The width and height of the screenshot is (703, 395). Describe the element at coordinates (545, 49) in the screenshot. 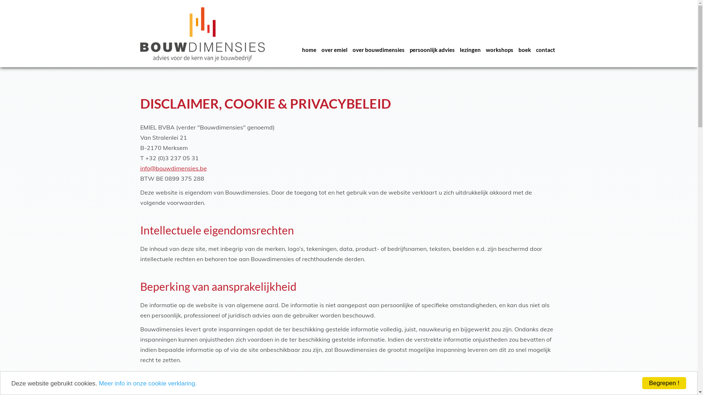

I see `'contact'` at that location.